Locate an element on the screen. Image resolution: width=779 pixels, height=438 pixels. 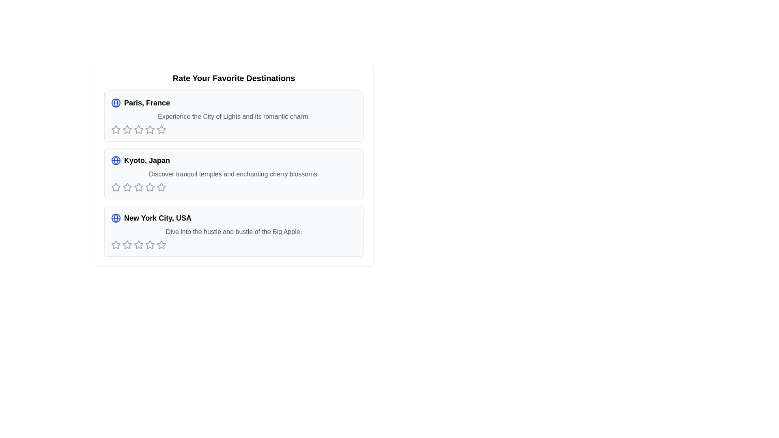
the circular globe icon with a blue outline located to the left of the title 'Paris, France' in the 'Rate Your Favorite Destinations' section is located at coordinates (116, 103).